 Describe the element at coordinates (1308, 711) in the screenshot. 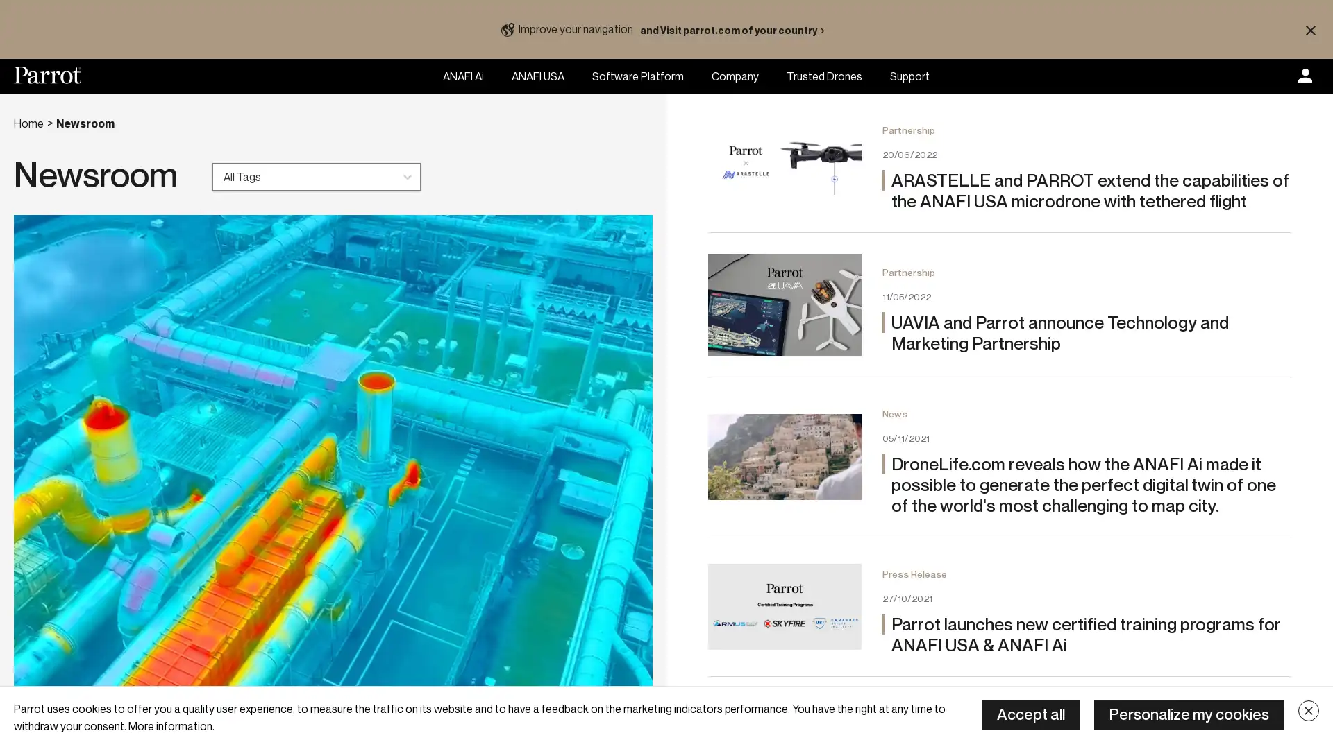

I see `close` at that location.